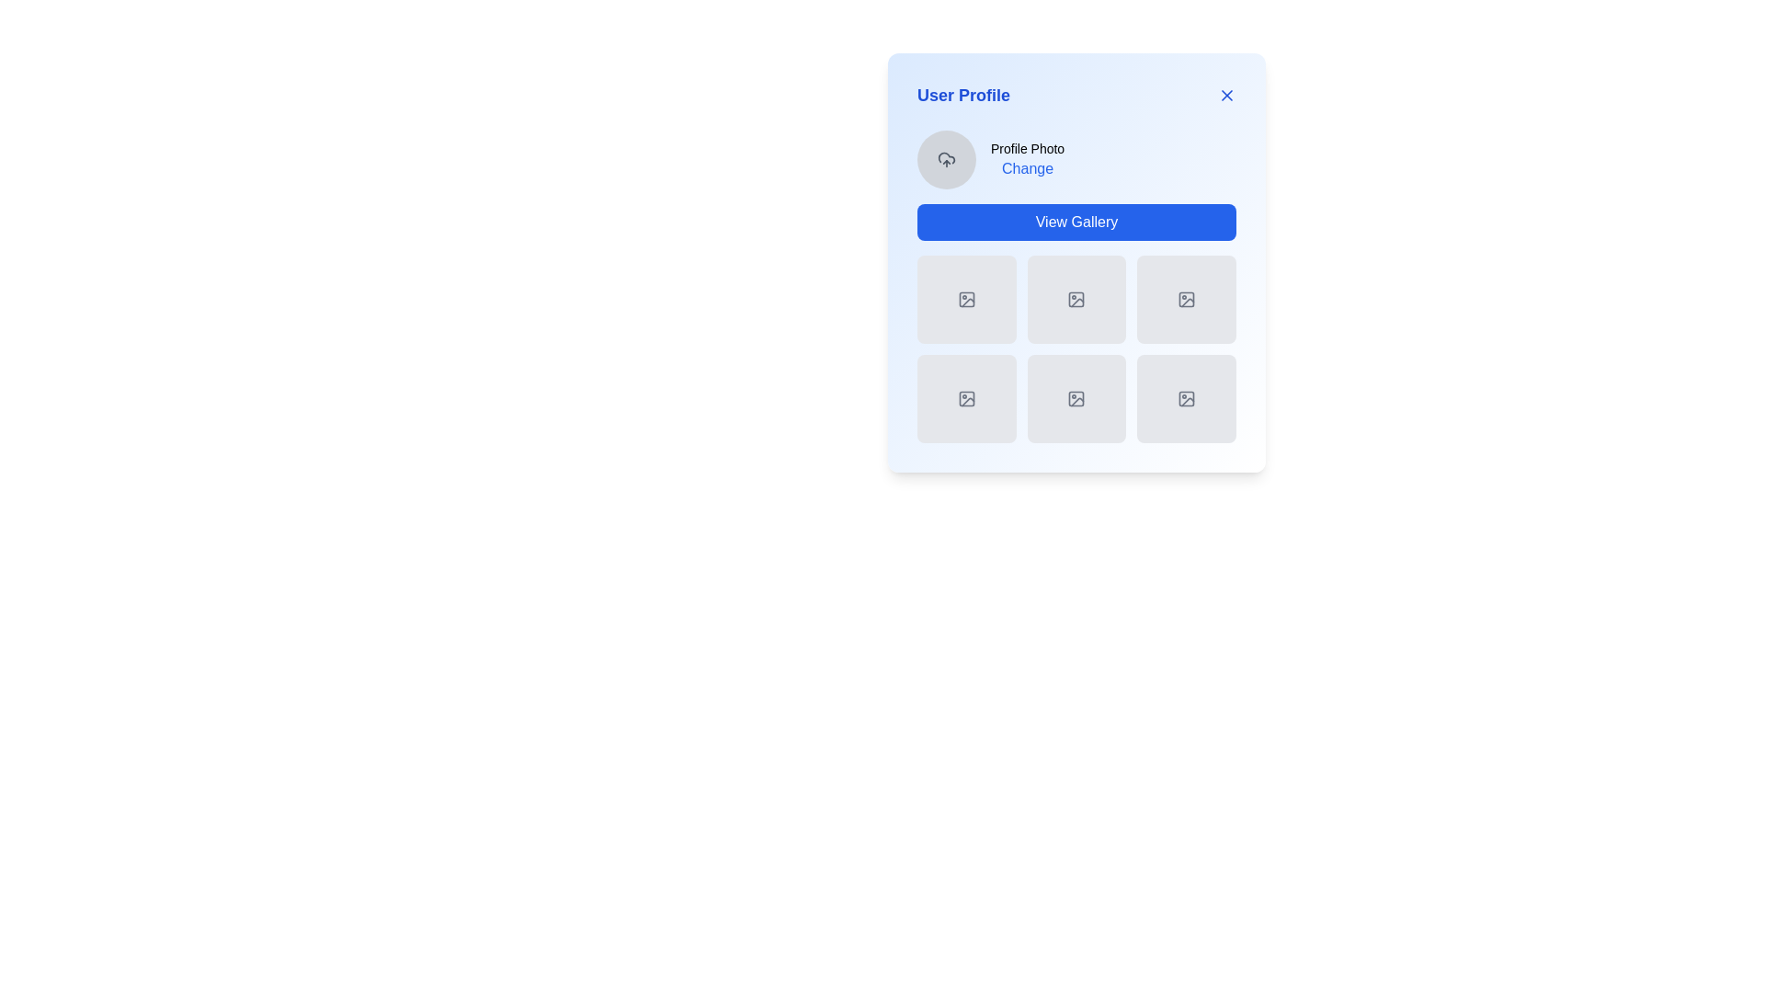  I want to click on the small, square-shaped graphical placeholder icon located in the second position of the second row within a grid of six components, so click(965, 398).